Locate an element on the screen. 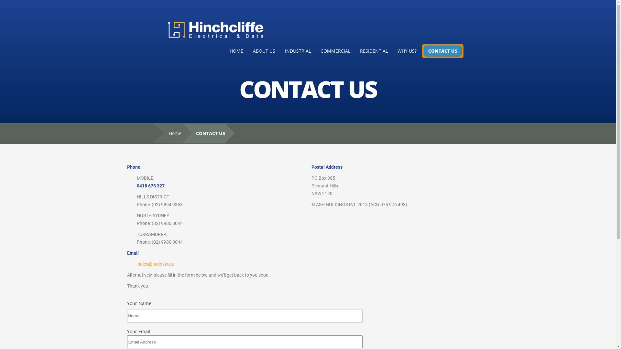  'RESIDENTIAL' is located at coordinates (374, 51).